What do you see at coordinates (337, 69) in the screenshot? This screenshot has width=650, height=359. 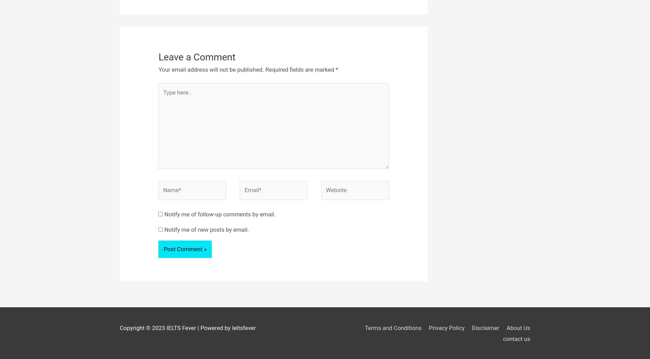 I see `'*'` at bounding box center [337, 69].